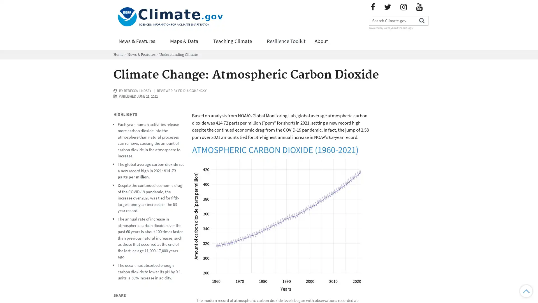 Image resolution: width=538 pixels, height=303 pixels. What do you see at coordinates (422, 20) in the screenshot?
I see `Search` at bounding box center [422, 20].